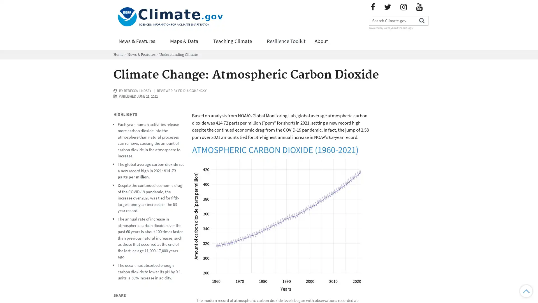 Image resolution: width=538 pixels, height=303 pixels. What do you see at coordinates (422, 20) in the screenshot?
I see `Search` at bounding box center [422, 20].